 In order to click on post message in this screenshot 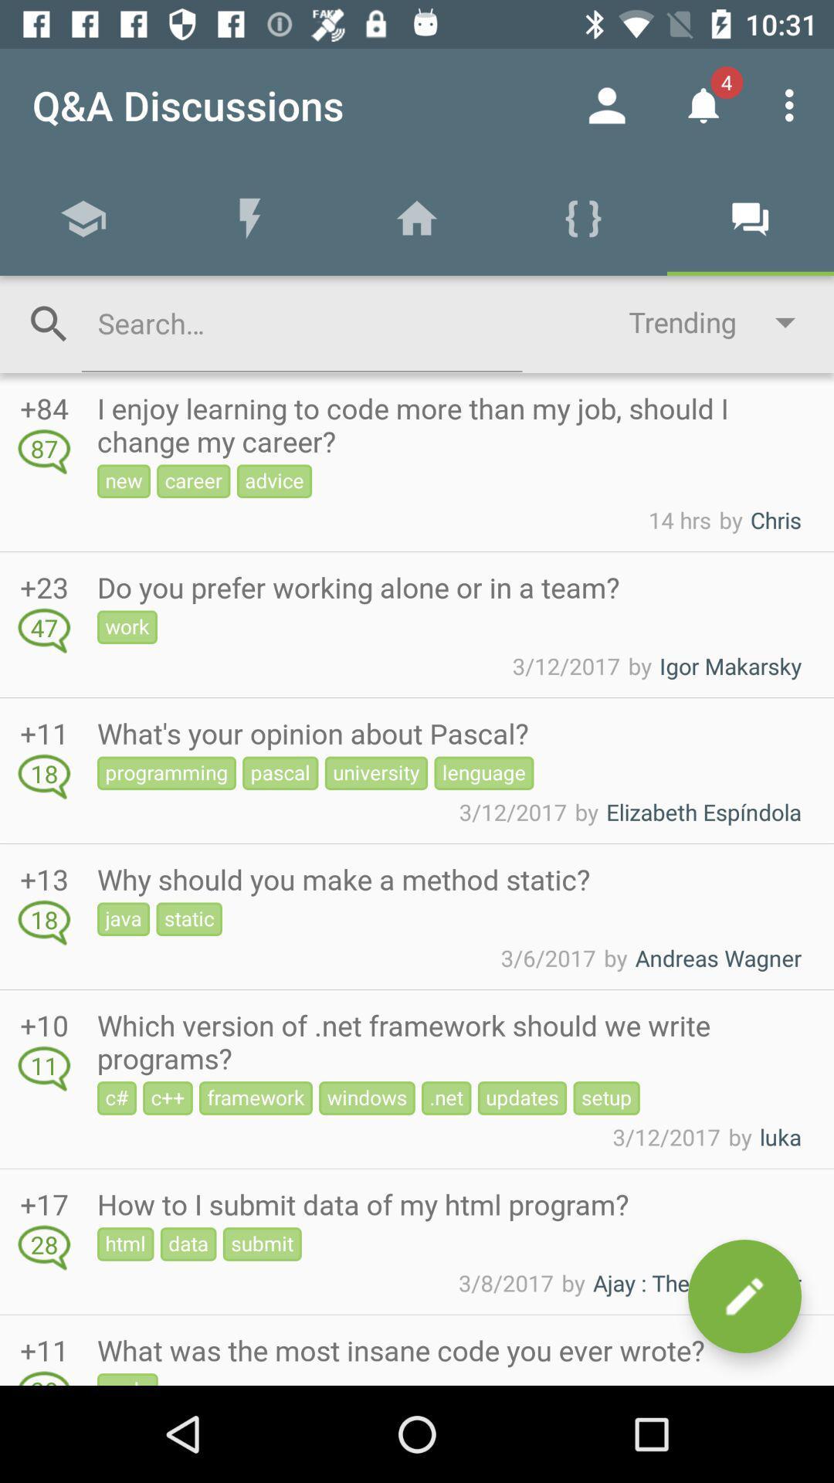, I will do `click(744, 1296)`.